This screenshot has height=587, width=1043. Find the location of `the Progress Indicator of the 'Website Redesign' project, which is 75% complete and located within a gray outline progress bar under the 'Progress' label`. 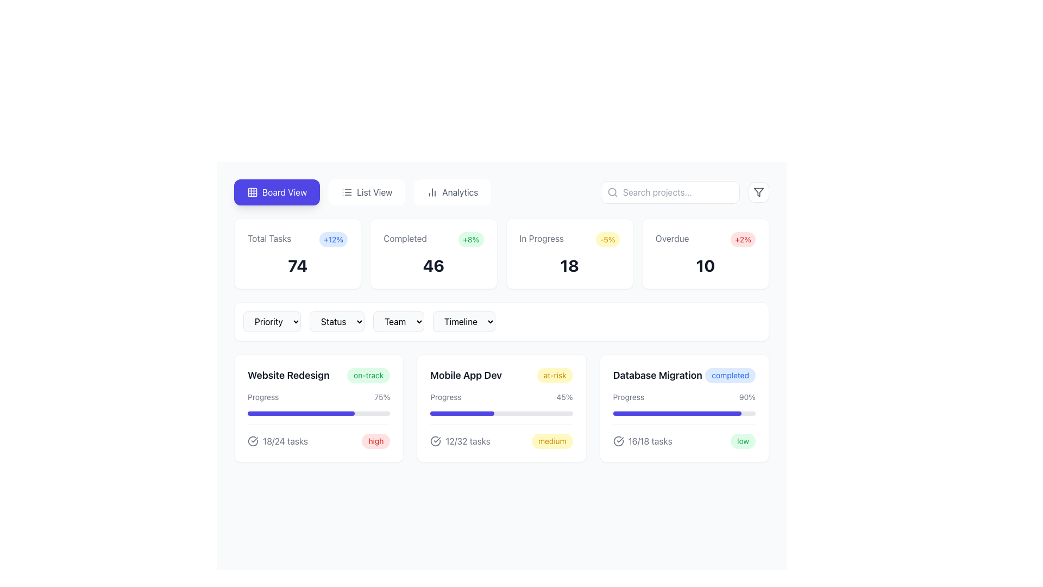

the Progress Indicator of the 'Website Redesign' project, which is 75% complete and located within a gray outline progress bar under the 'Progress' label is located at coordinates (301, 413).